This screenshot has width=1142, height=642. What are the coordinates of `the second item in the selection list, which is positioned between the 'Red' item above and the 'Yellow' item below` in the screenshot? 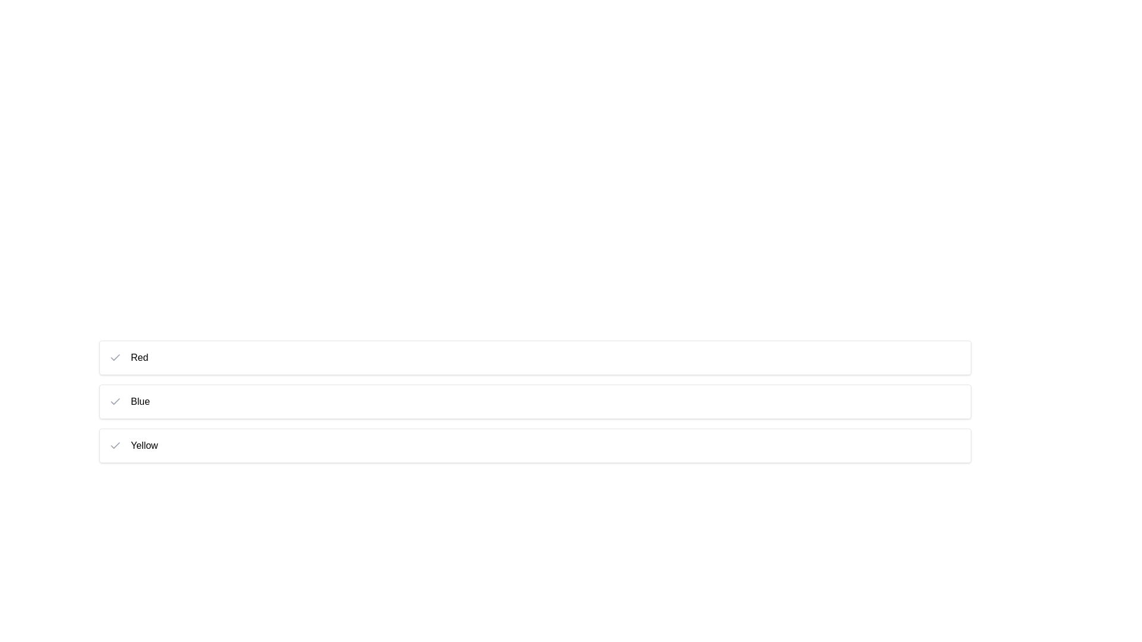 It's located at (535, 401).